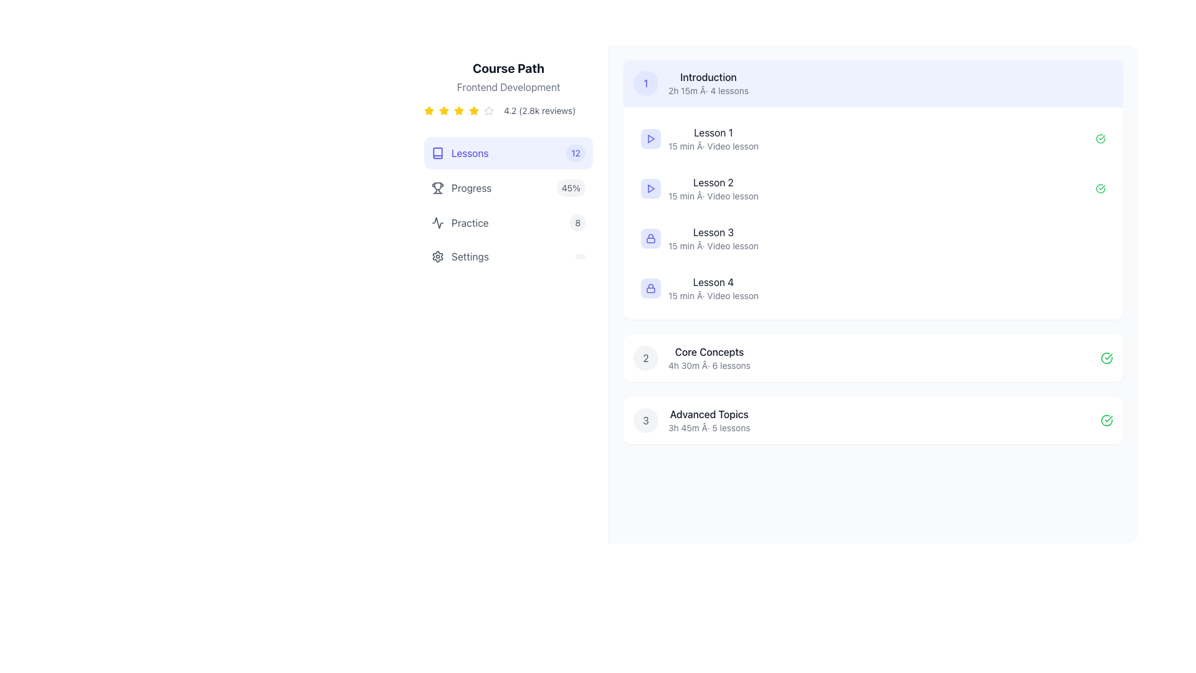  I want to click on the first list item header for the course lesson located at the top of the lesson section, so click(690, 84).